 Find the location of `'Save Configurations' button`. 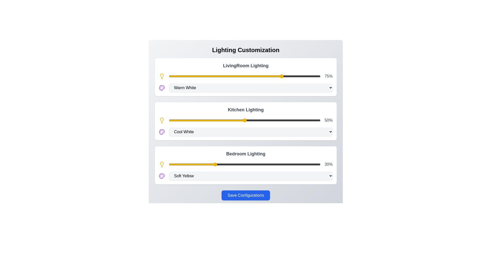

'Save Configurations' button is located at coordinates (246, 195).